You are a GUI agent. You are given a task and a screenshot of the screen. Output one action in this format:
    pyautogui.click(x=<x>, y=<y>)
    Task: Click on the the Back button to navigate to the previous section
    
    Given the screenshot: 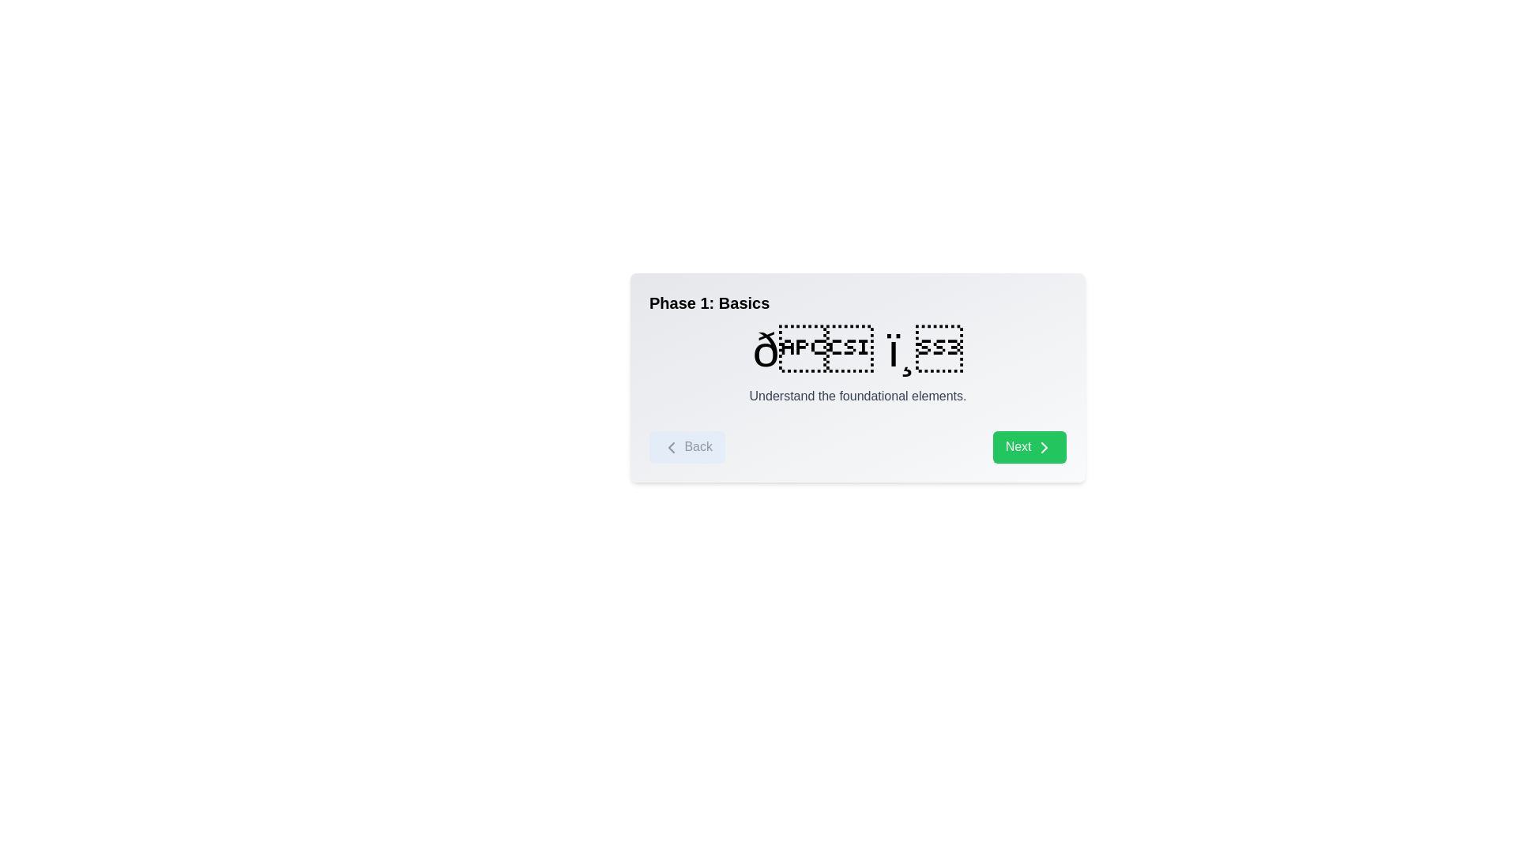 What is the action you would take?
    pyautogui.click(x=687, y=447)
    